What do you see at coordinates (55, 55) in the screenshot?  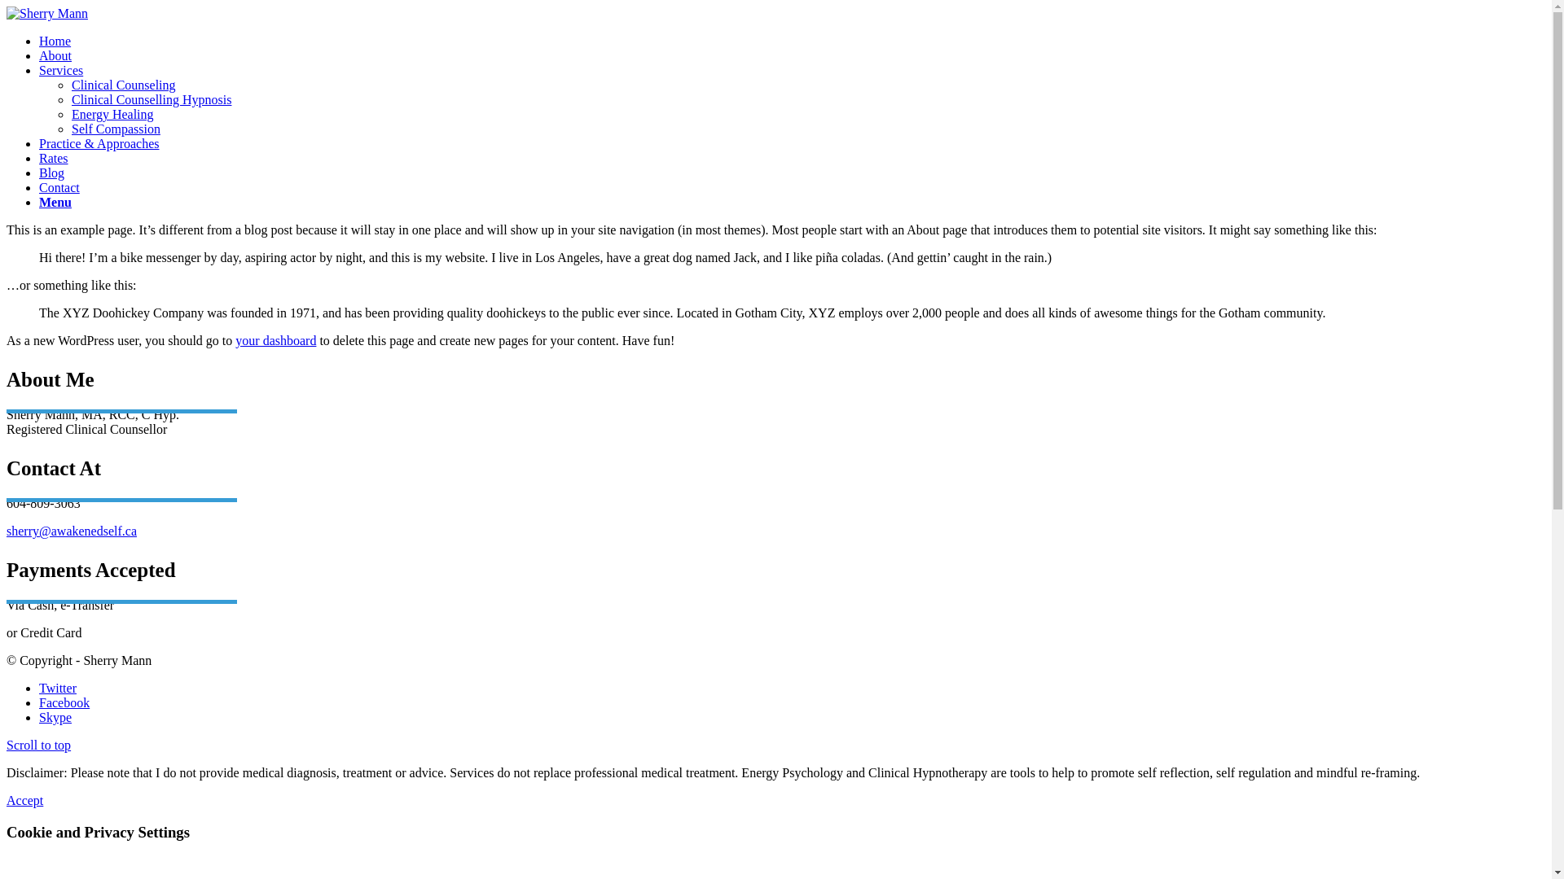 I see `'About'` at bounding box center [55, 55].